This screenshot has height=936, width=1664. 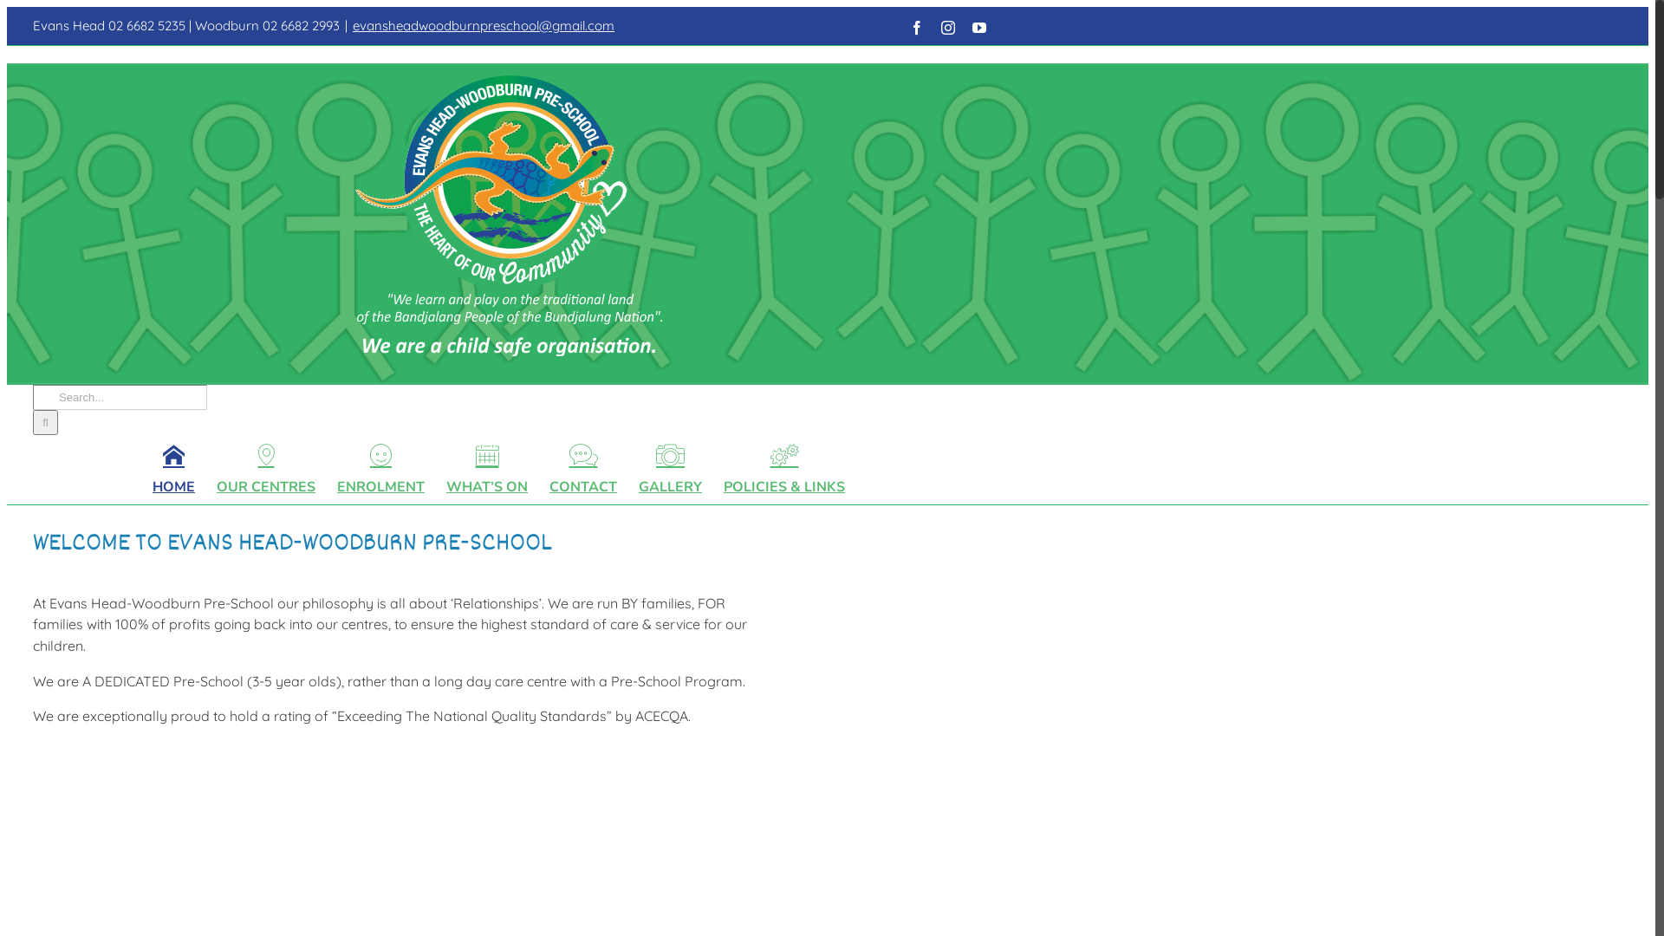 What do you see at coordinates (380, 470) in the screenshot?
I see `'ENROLMENT'` at bounding box center [380, 470].